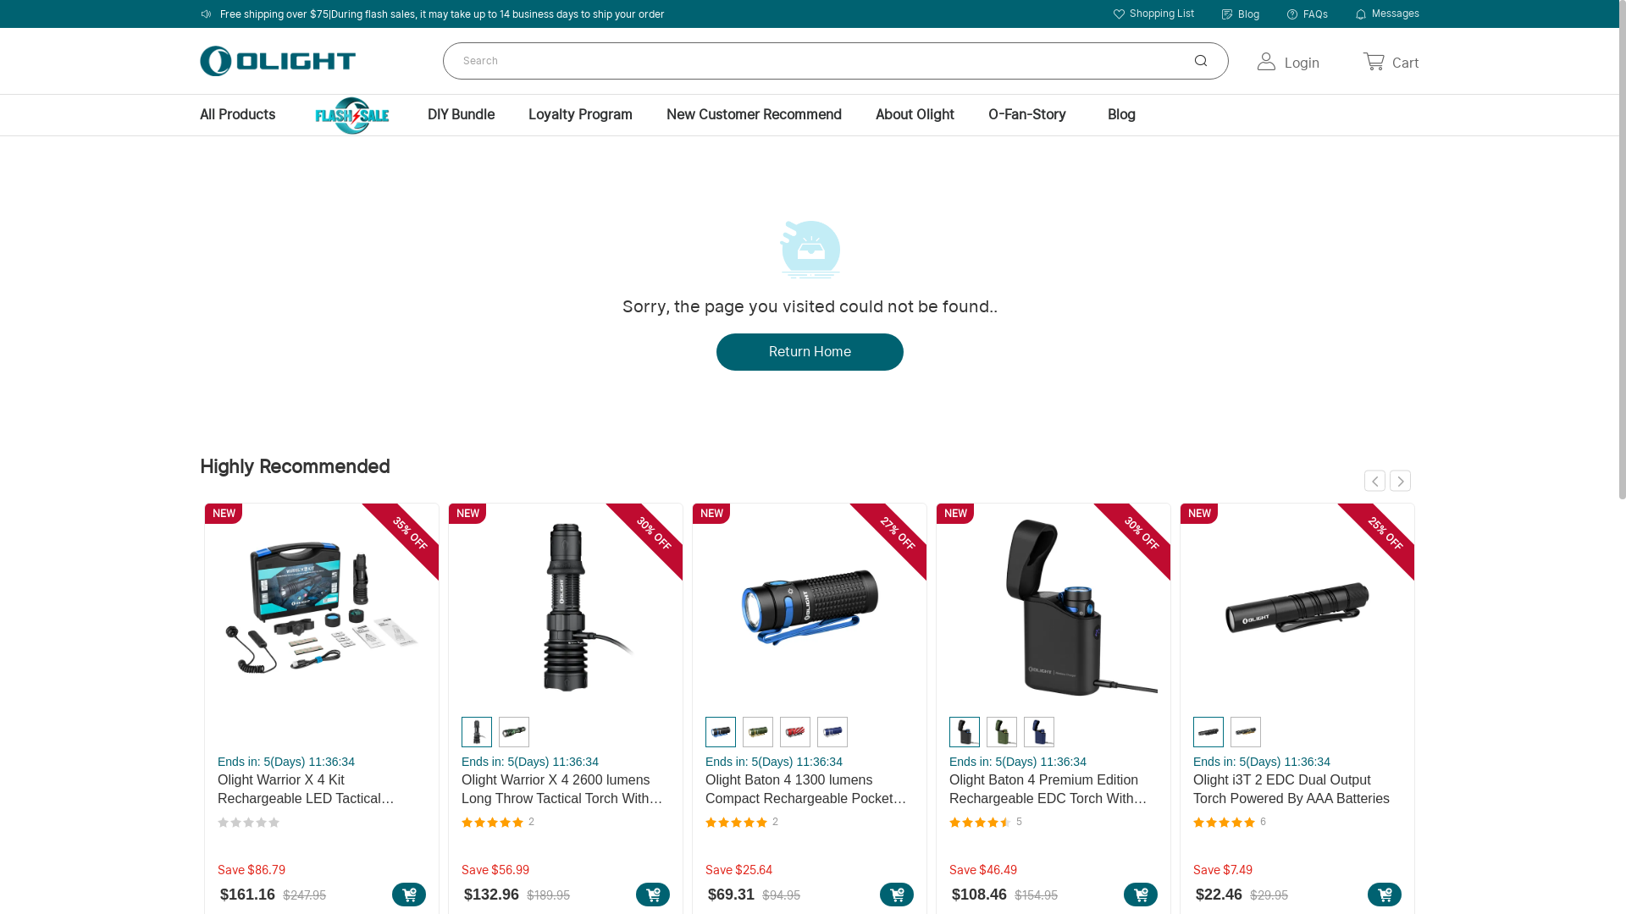 This screenshot has height=914, width=1626. Describe the element at coordinates (914, 114) in the screenshot. I see `'About Olight'` at that location.